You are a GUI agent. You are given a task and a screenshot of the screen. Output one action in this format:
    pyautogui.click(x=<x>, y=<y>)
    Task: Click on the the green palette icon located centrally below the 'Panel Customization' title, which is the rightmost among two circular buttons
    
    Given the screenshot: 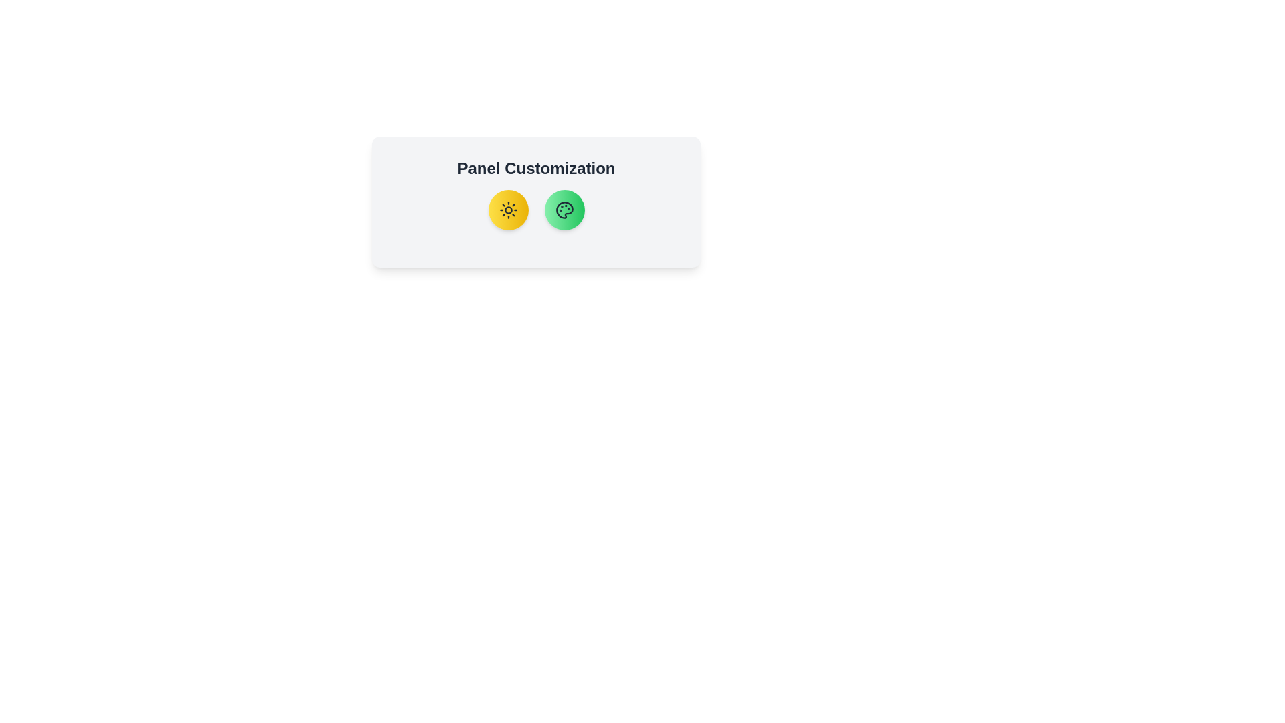 What is the action you would take?
    pyautogui.click(x=564, y=210)
    